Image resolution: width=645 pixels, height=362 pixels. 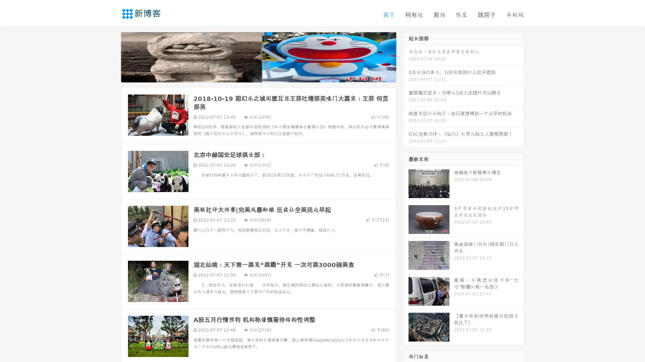 What do you see at coordinates (111, 56) in the screenshot?
I see `Previous slide` at bounding box center [111, 56].